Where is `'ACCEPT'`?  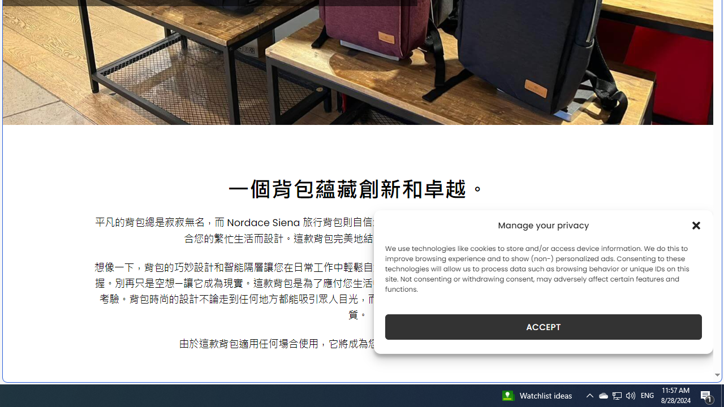 'ACCEPT' is located at coordinates (544, 327).